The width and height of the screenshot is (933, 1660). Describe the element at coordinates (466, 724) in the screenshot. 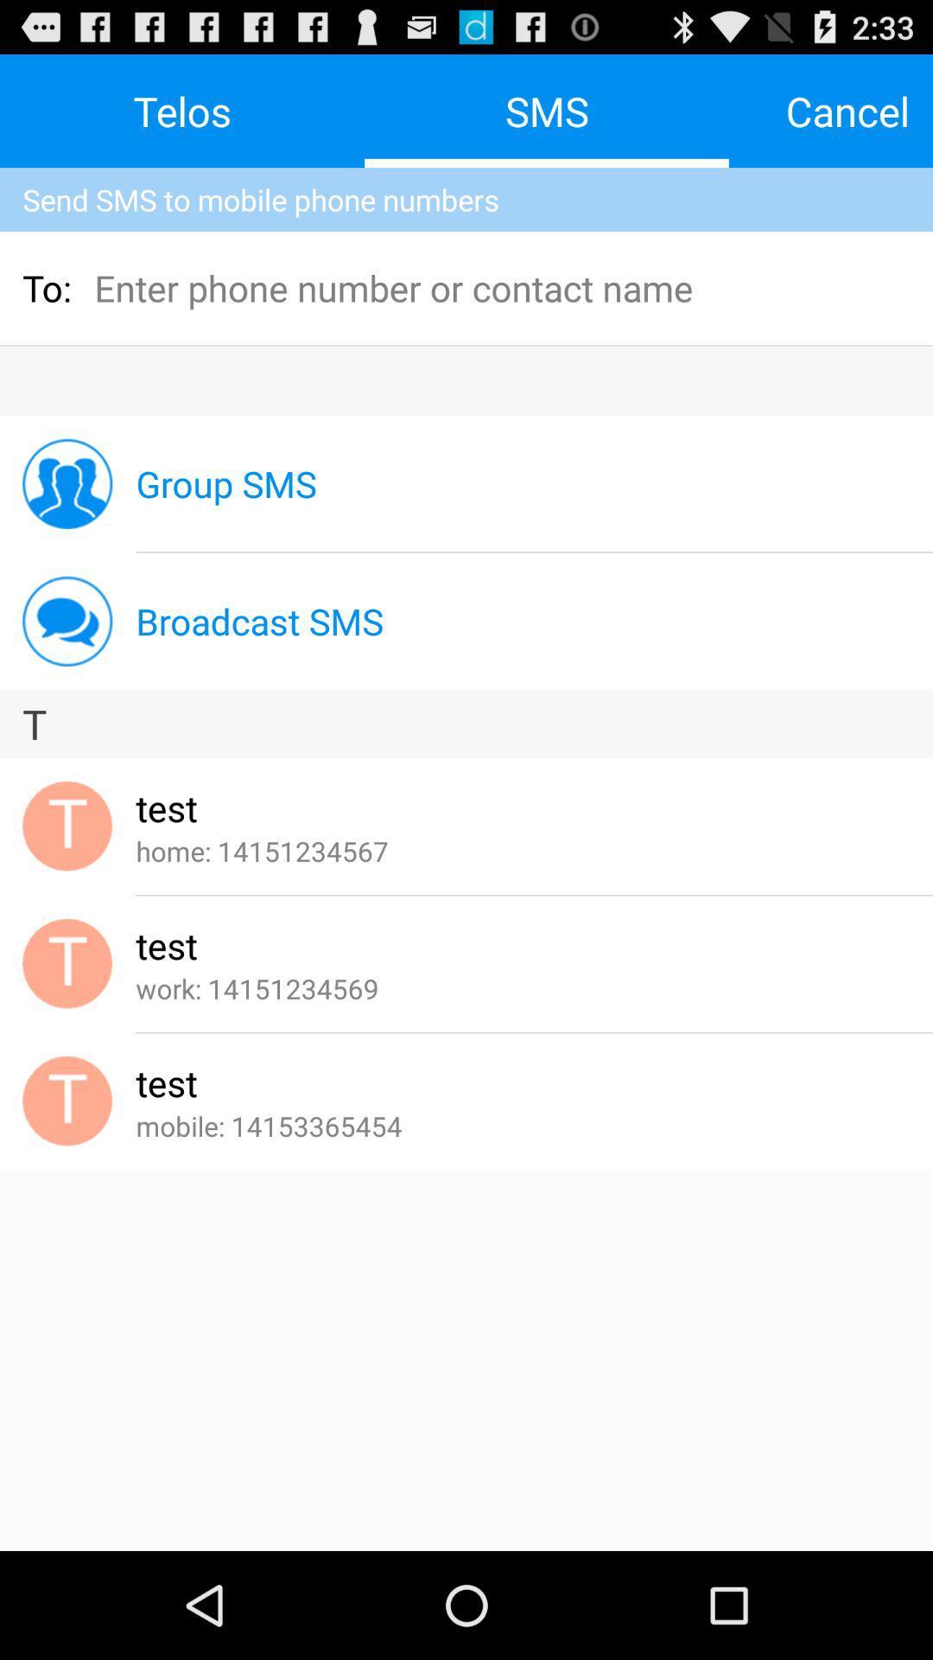

I see `t app` at that location.